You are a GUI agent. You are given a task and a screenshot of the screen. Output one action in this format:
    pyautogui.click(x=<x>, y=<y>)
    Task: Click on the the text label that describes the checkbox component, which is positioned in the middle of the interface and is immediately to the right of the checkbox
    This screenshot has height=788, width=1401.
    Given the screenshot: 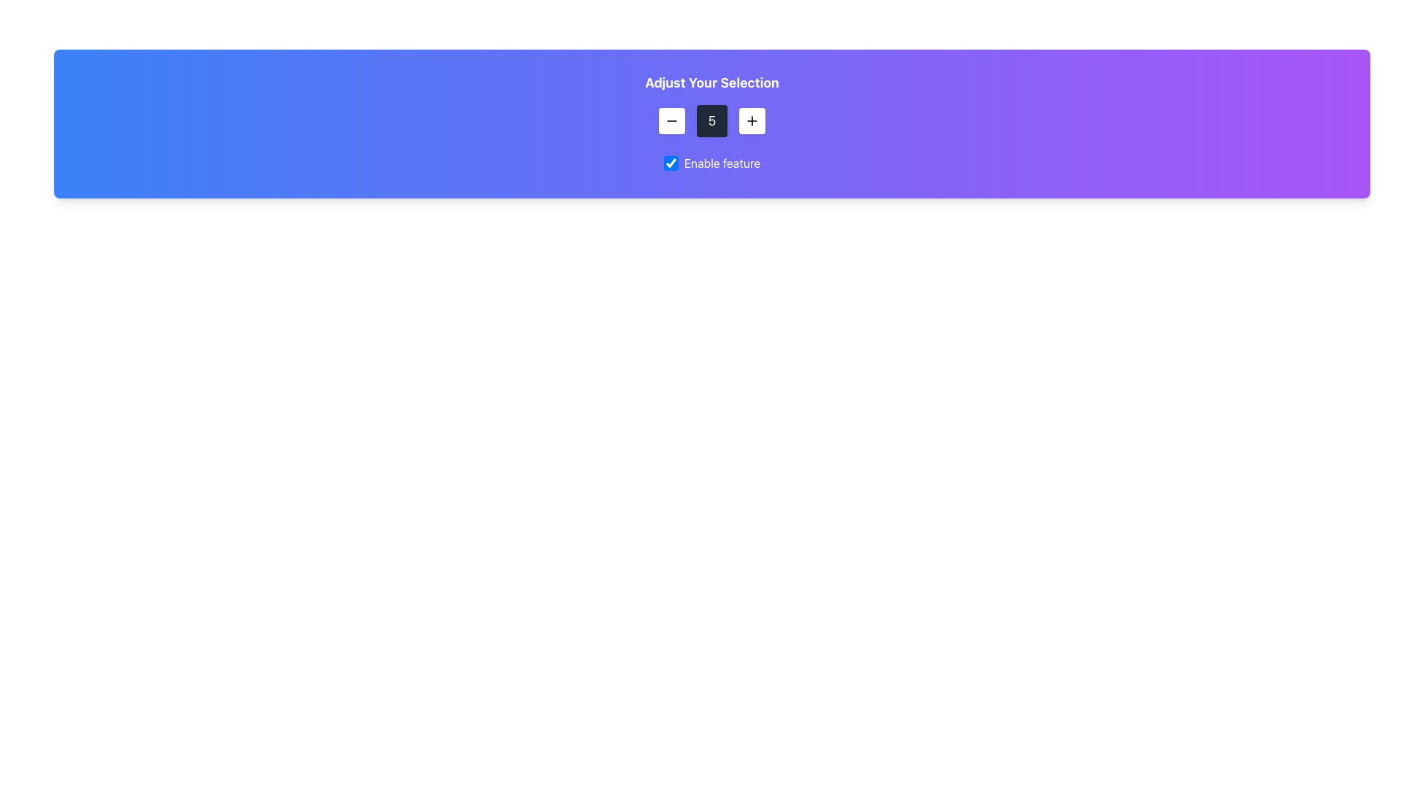 What is the action you would take?
    pyautogui.click(x=722, y=163)
    